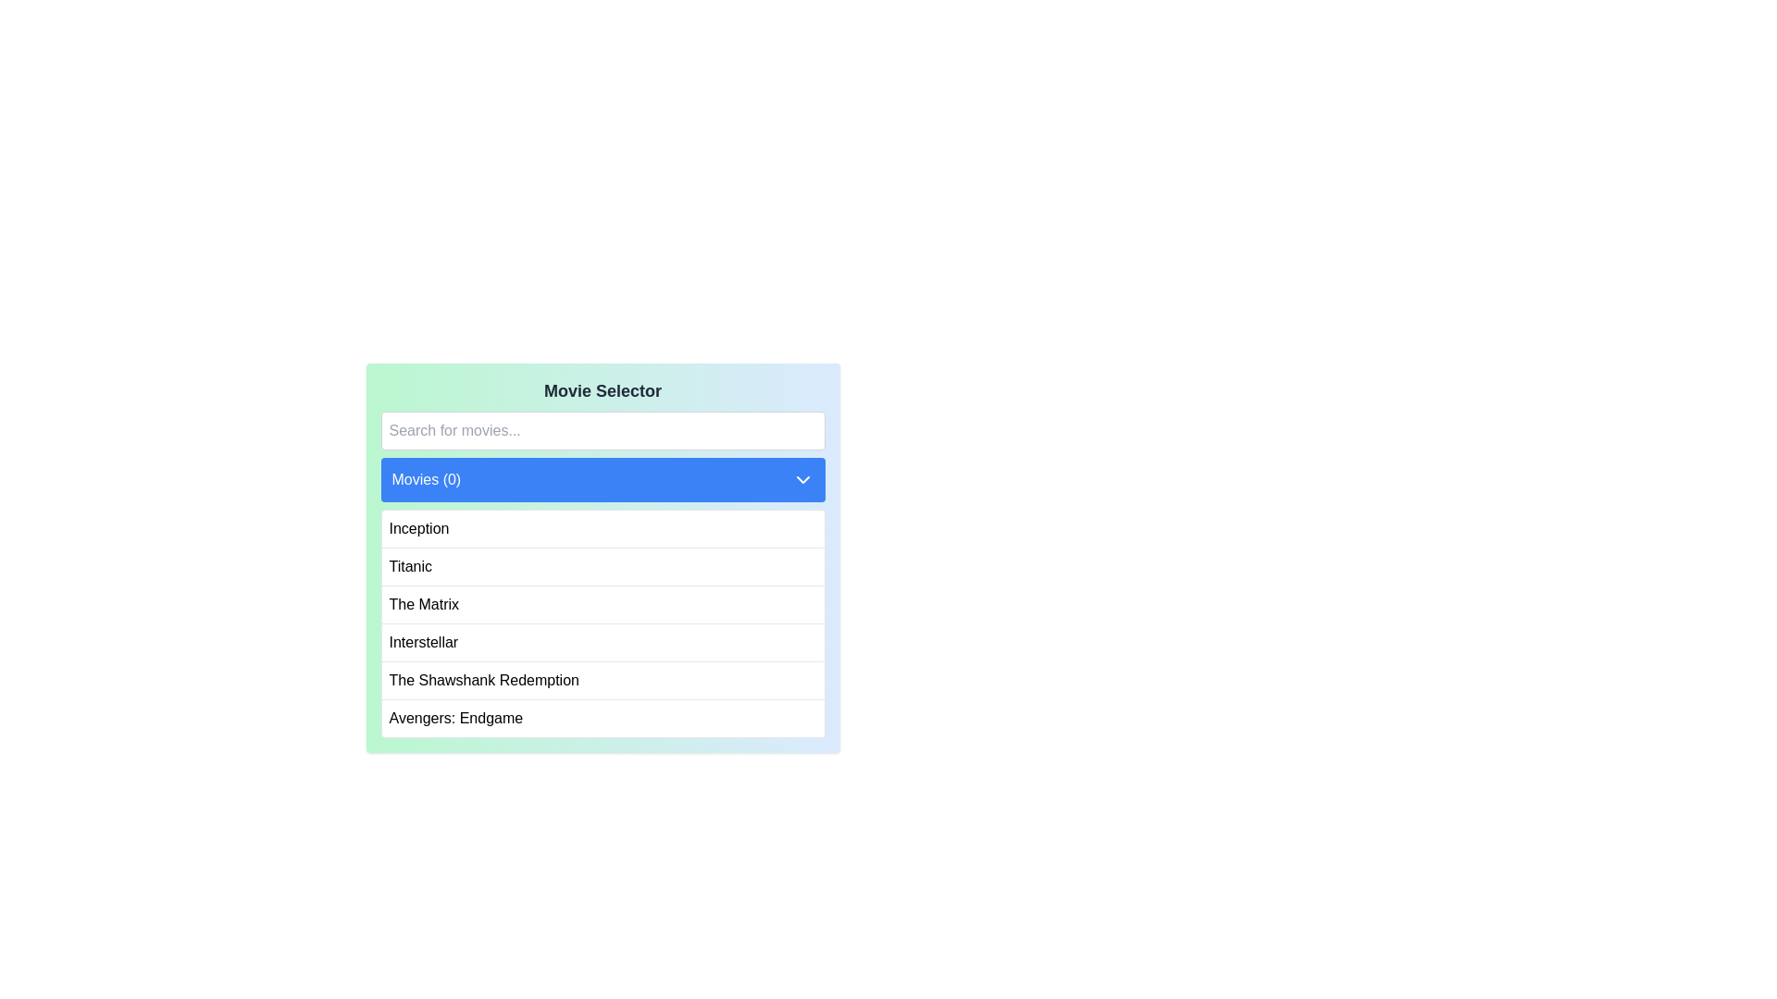 The image size is (1777, 999). Describe the element at coordinates (417, 528) in the screenshot. I see `the text 'Inception' in the second row of the movie list` at that location.